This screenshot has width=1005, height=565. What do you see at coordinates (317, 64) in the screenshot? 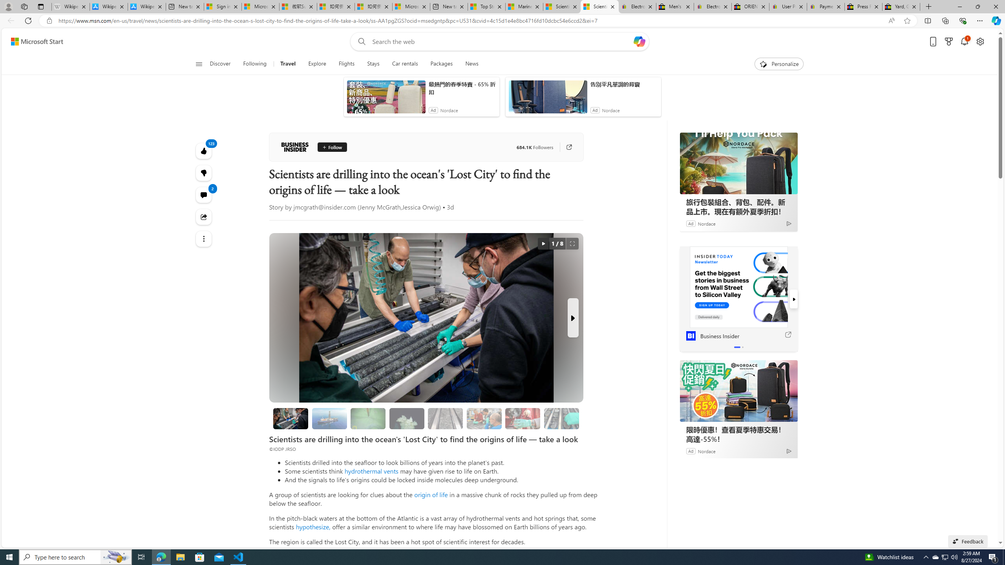
I see `'Explore'` at bounding box center [317, 64].